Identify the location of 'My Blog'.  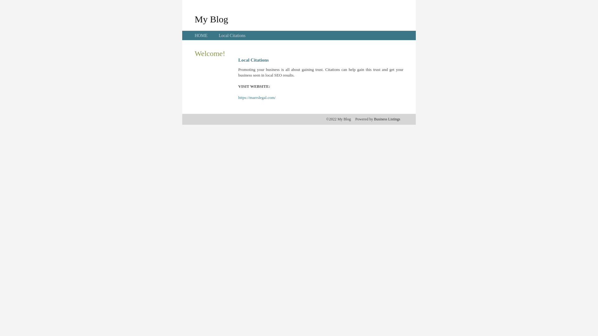
(211, 19).